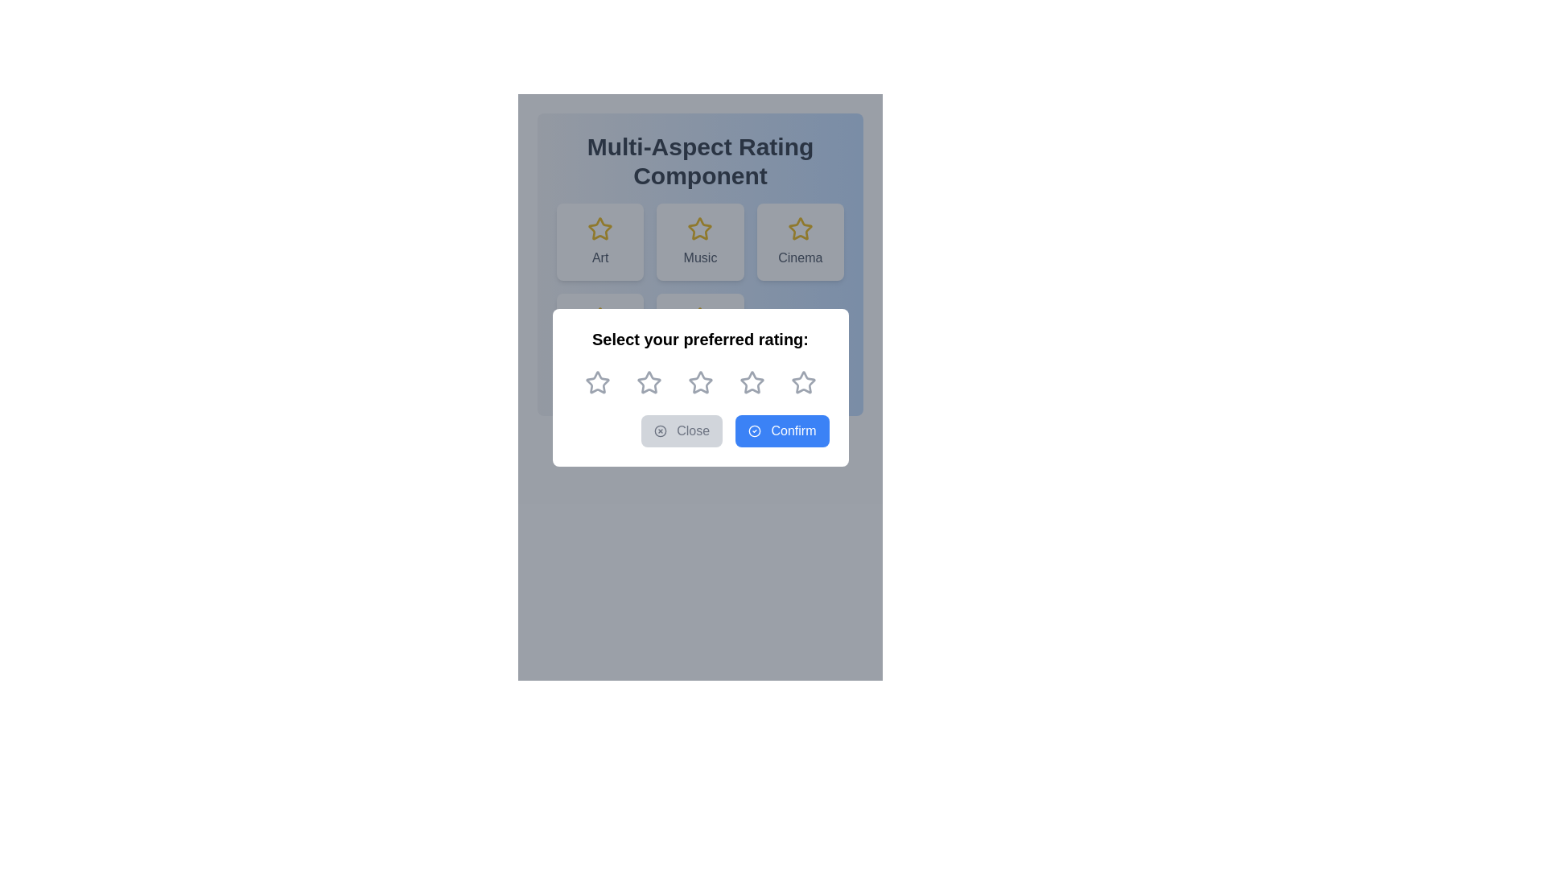 This screenshot has width=1545, height=869. I want to click on the row of star icons in the modal dialog to give a rating, so click(700, 387).